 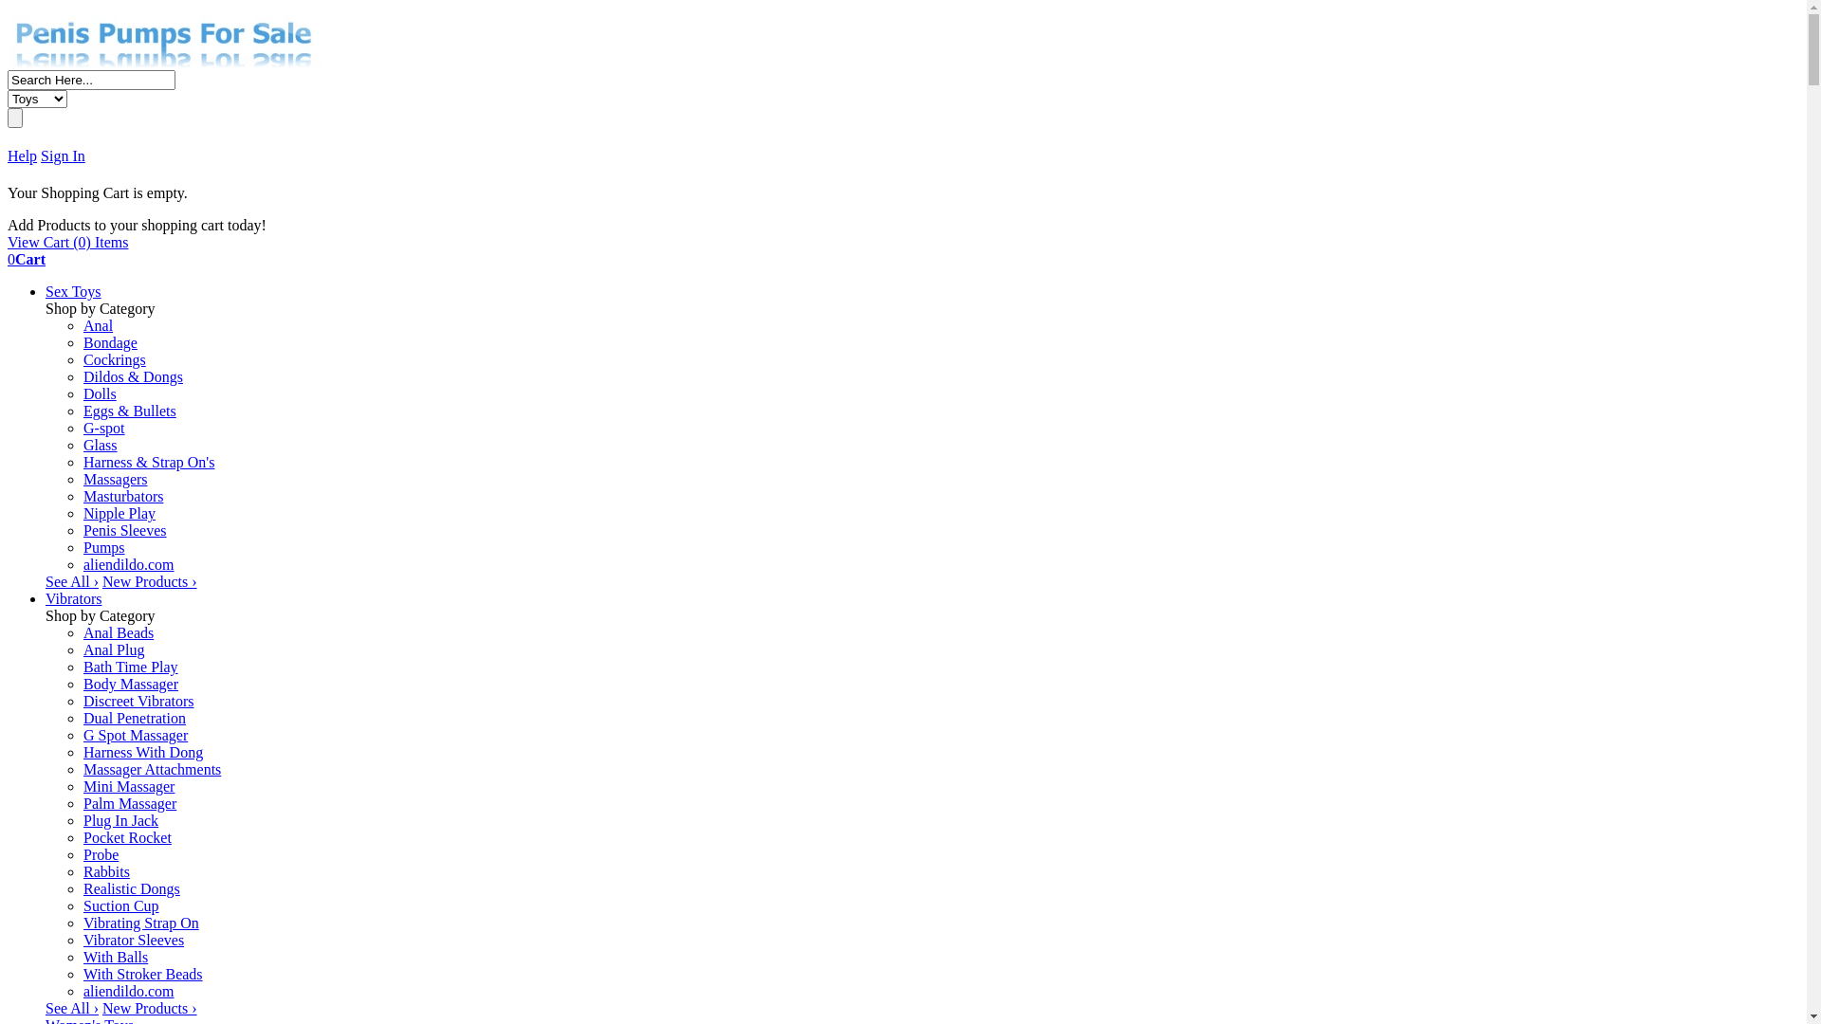 What do you see at coordinates (8, 259) in the screenshot?
I see `'0Cart'` at bounding box center [8, 259].